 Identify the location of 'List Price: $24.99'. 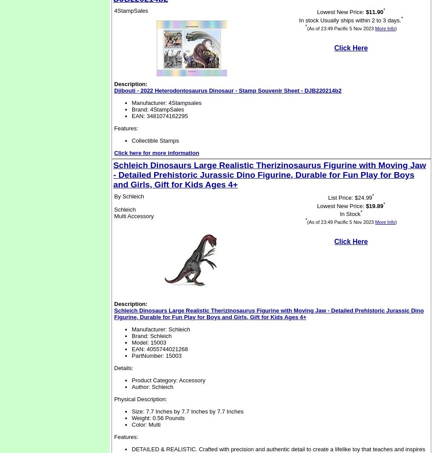
(350, 197).